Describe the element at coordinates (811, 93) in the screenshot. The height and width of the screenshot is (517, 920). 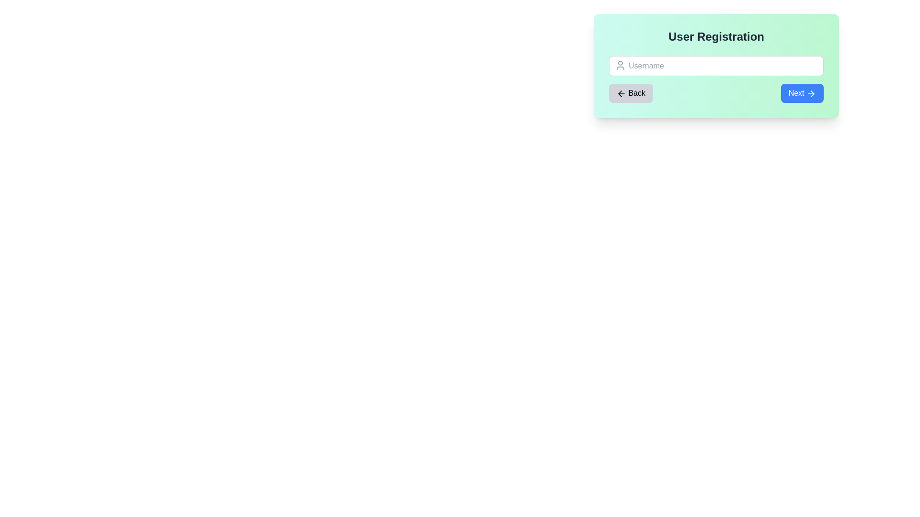
I see `the decorative icon adjacent to the text 'Next' in the bottom right portion of the modal interface` at that location.